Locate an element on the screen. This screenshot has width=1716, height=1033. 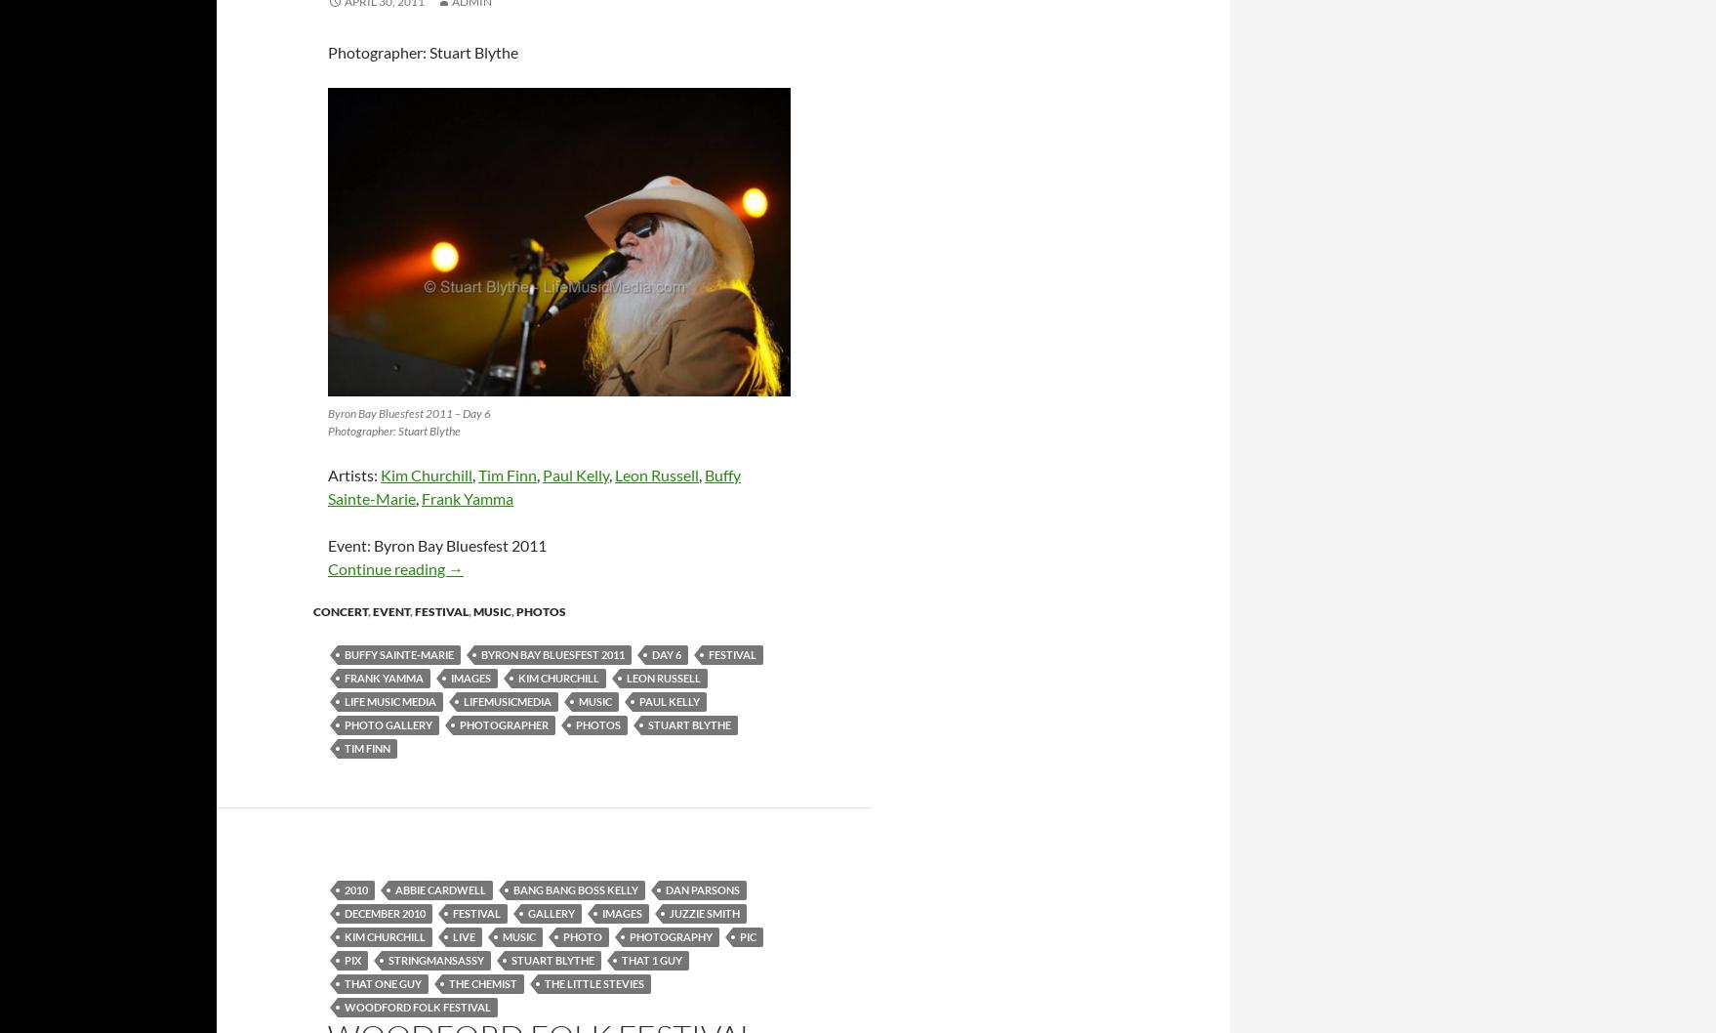
'Continue reading' is located at coordinates (327, 567).